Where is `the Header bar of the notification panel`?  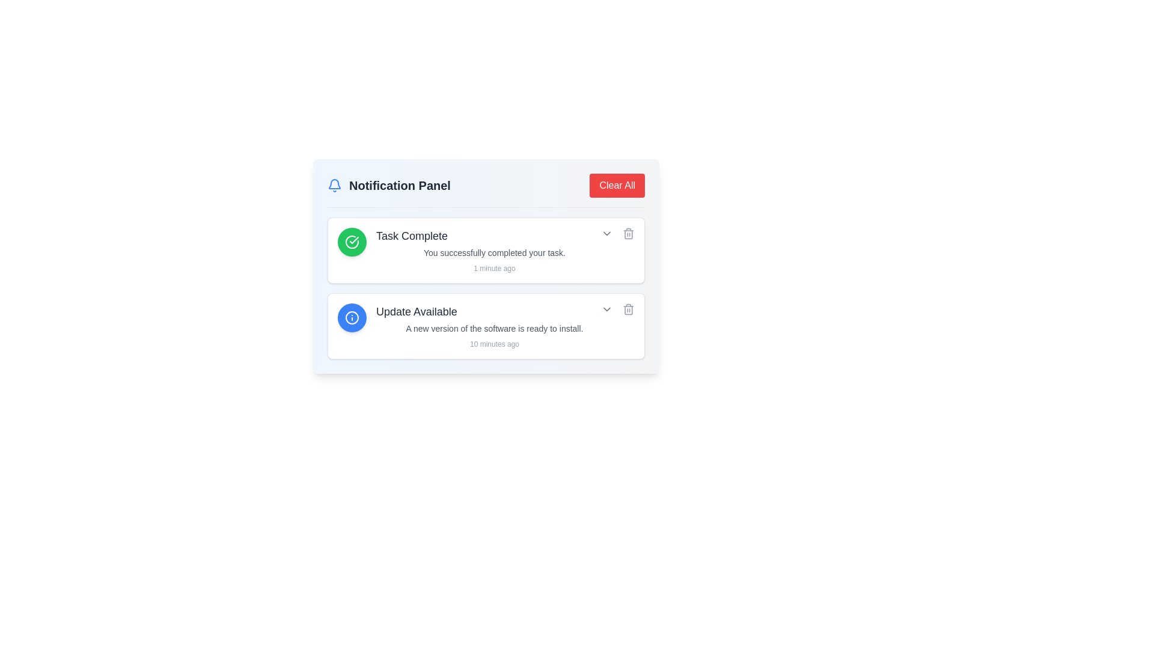
the Header bar of the notification panel is located at coordinates (486, 190).